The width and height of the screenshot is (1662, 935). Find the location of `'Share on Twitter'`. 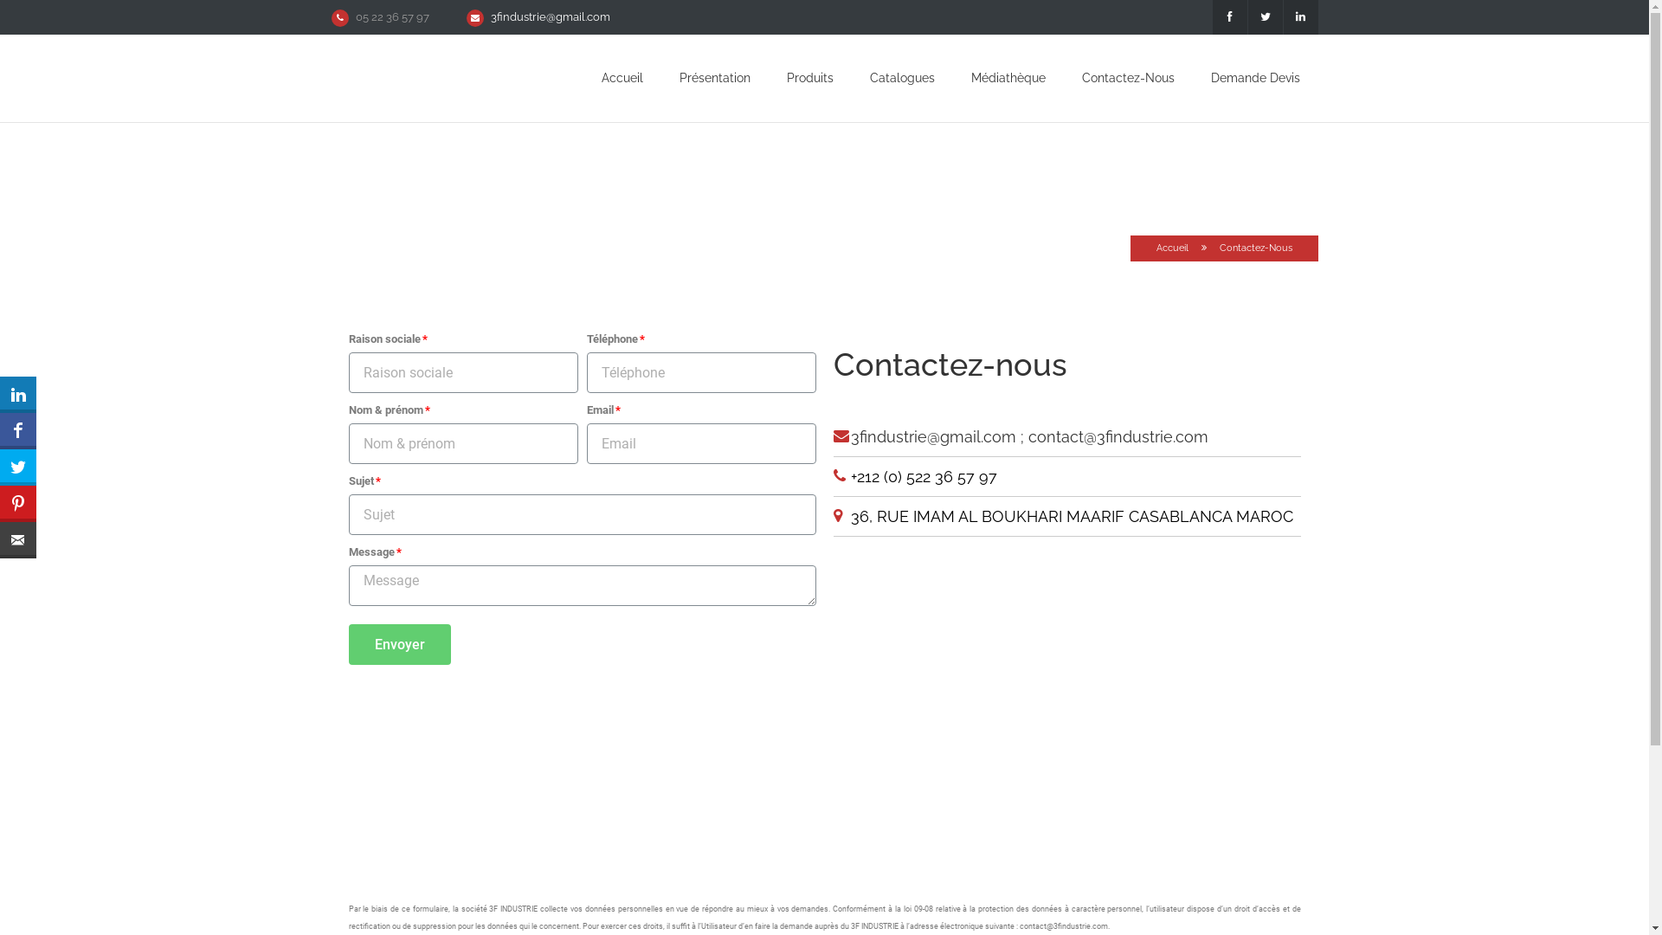

'Share on Twitter' is located at coordinates (17, 467).